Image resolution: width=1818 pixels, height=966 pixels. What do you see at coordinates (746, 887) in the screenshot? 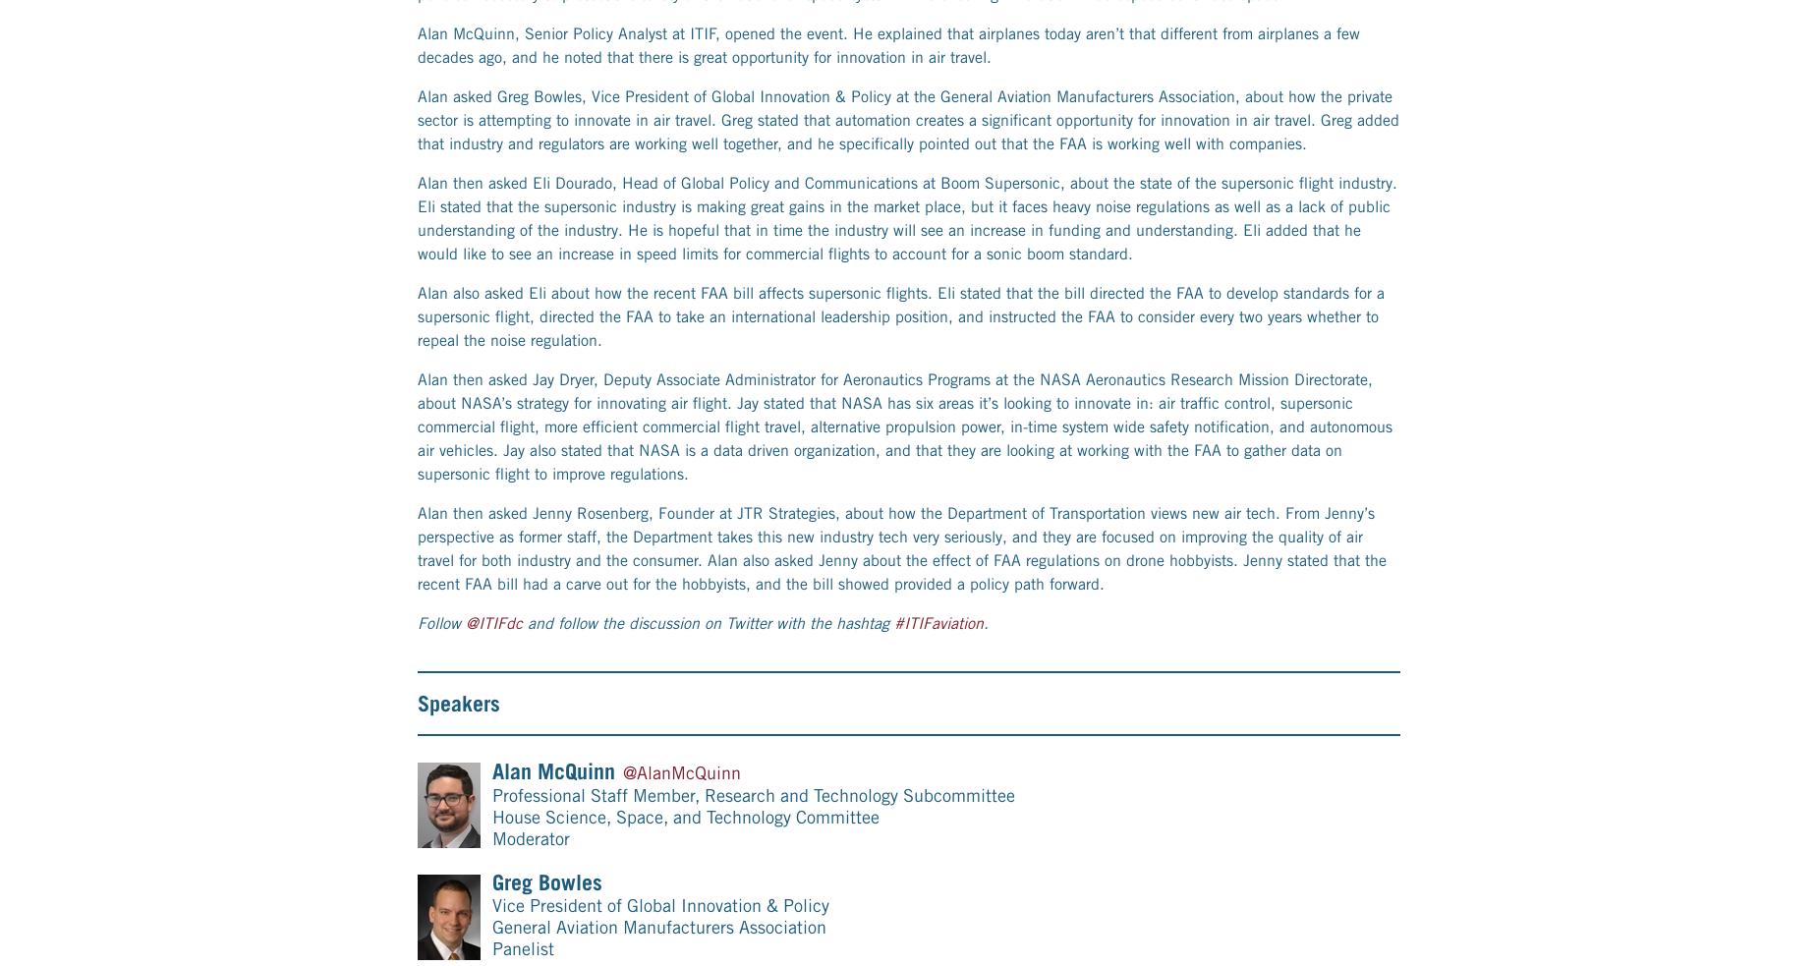
I see `'| (202) 449-1351'` at bounding box center [746, 887].